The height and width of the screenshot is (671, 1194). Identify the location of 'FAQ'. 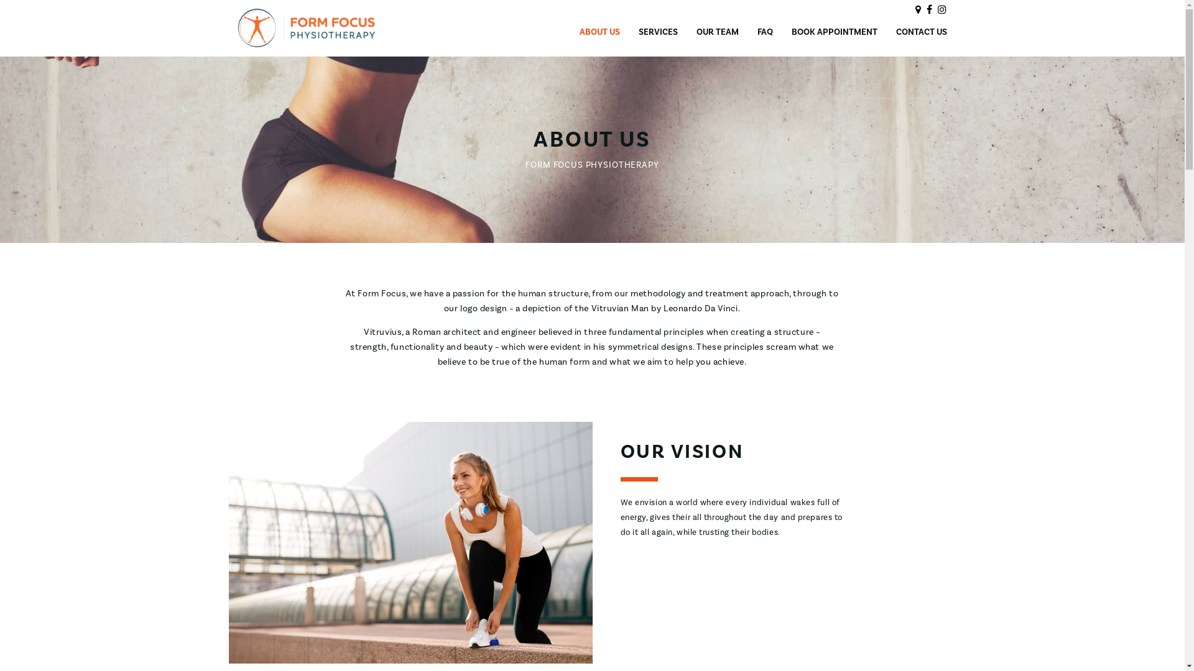
(764, 31).